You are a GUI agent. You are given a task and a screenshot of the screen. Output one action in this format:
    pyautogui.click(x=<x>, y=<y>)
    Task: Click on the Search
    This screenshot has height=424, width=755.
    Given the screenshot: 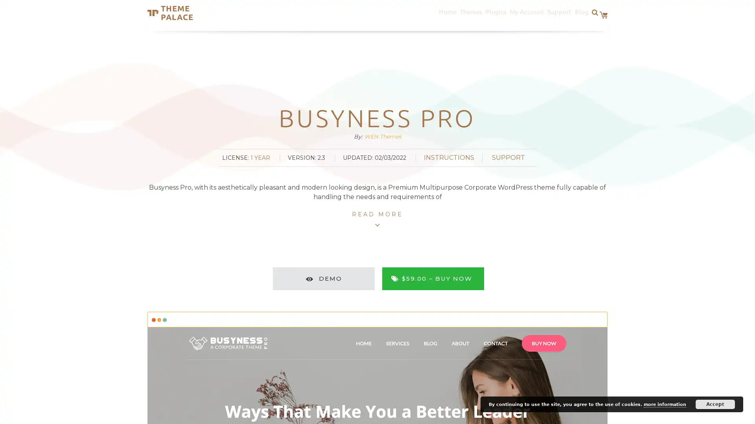 What is the action you would take?
    pyautogui.click(x=243, y=18)
    